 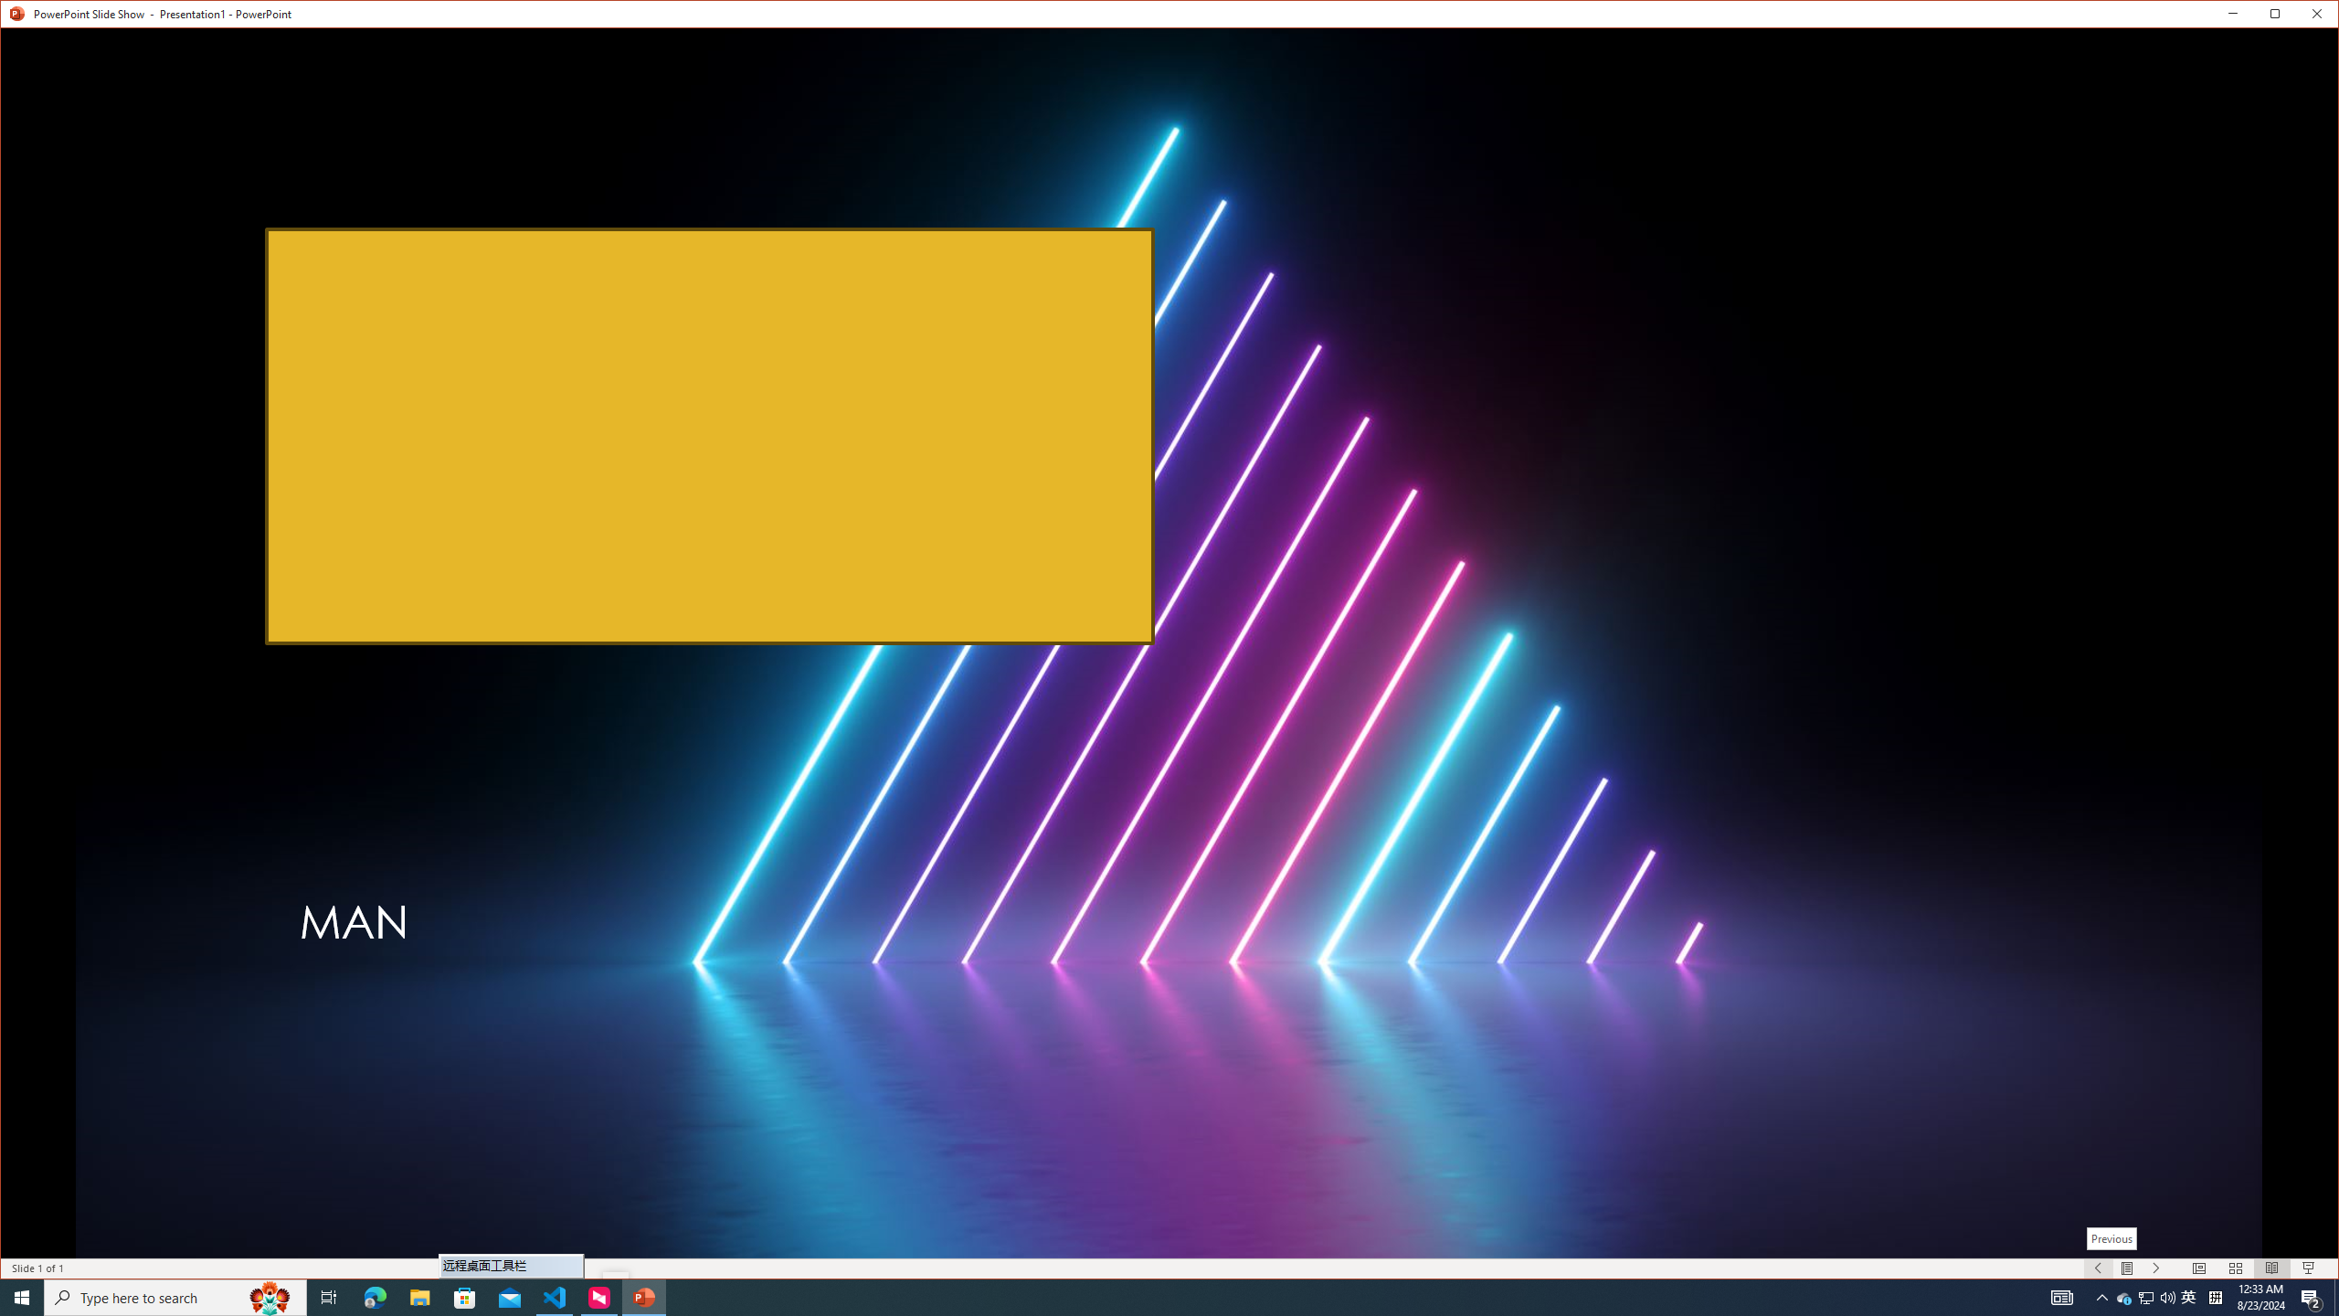 What do you see at coordinates (2127, 1268) in the screenshot?
I see `'Menu On'` at bounding box center [2127, 1268].